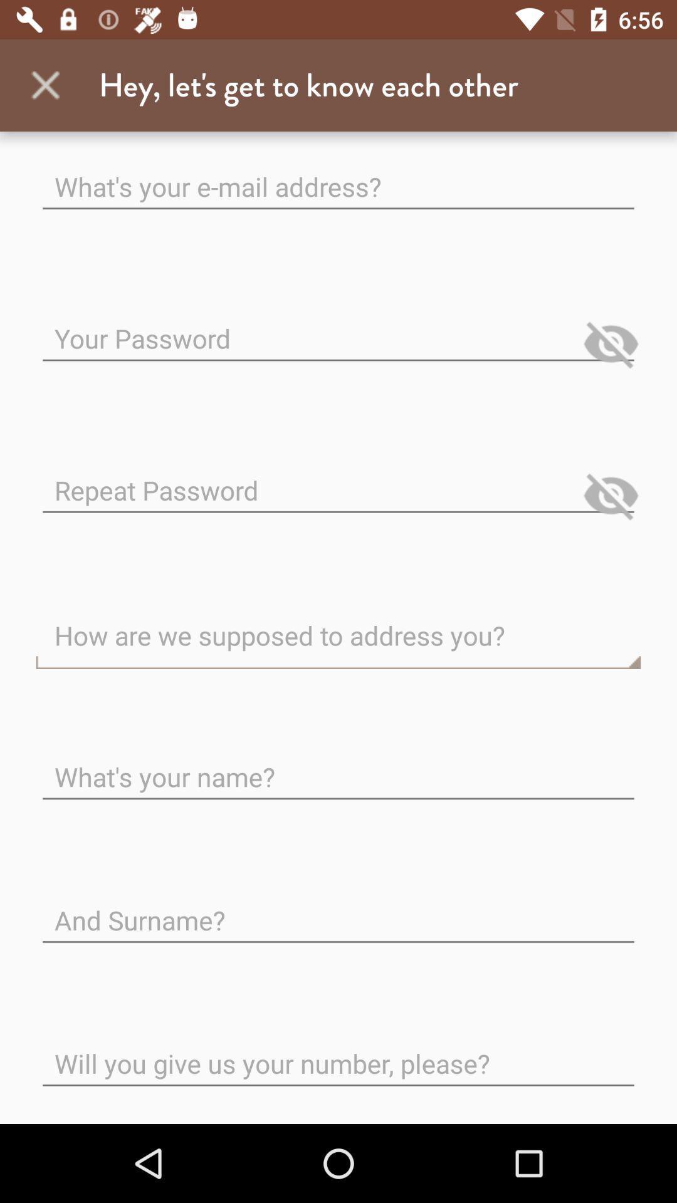 This screenshot has width=677, height=1203. I want to click on option below surname option, so click(338, 1053).